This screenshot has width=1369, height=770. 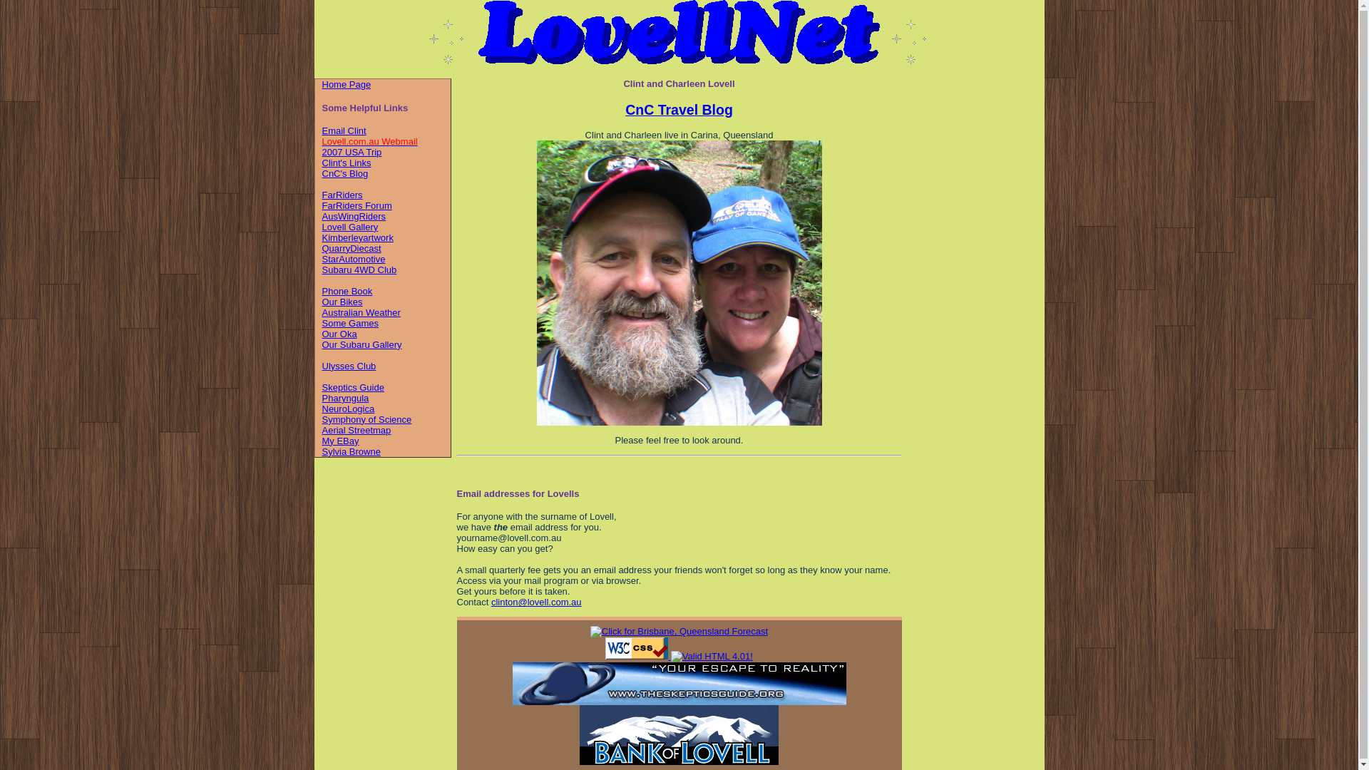 I want to click on 'Lovell.com.au Webmail', so click(x=369, y=141).